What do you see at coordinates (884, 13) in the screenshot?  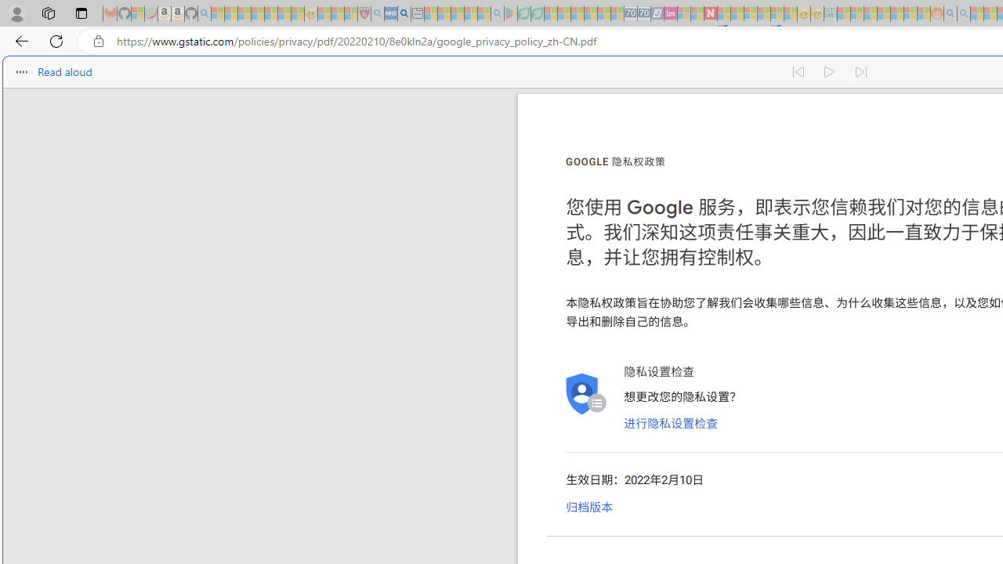 I see `'Expert Portfolios - Sleeping'` at bounding box center [884, 13].